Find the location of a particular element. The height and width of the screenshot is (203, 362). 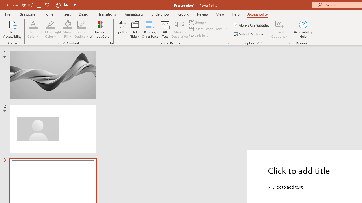

'Captions & Subtitles' is located at coordinates (288, 43).